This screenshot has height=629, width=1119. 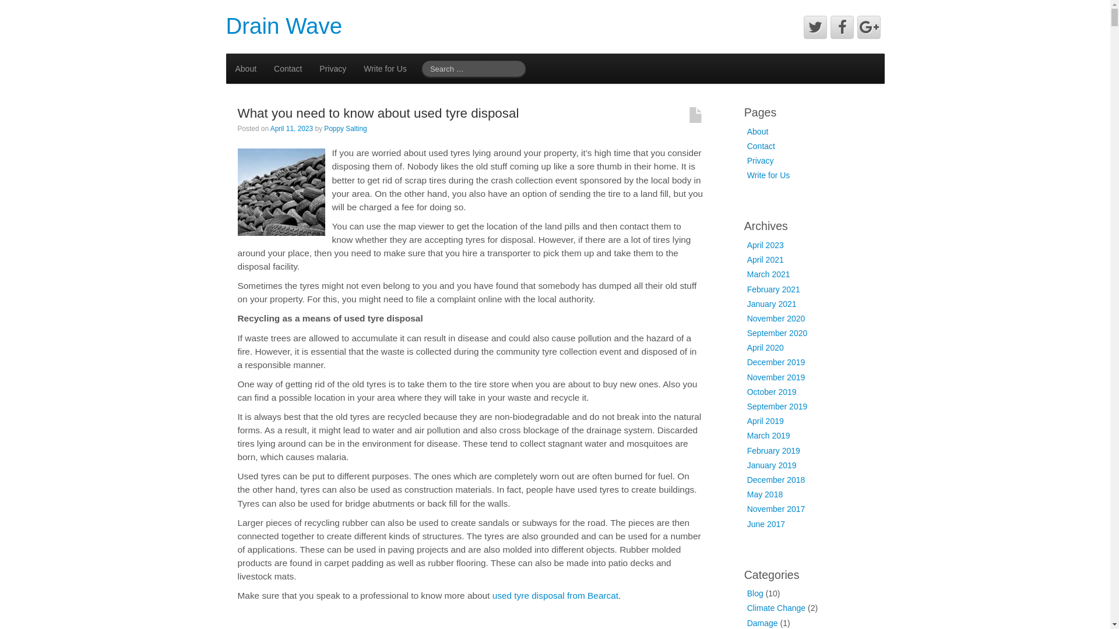 What do you see at coordinates (769, 436) in the screenshot?
I see `'March 2019'` at bounding box center [769, 436].